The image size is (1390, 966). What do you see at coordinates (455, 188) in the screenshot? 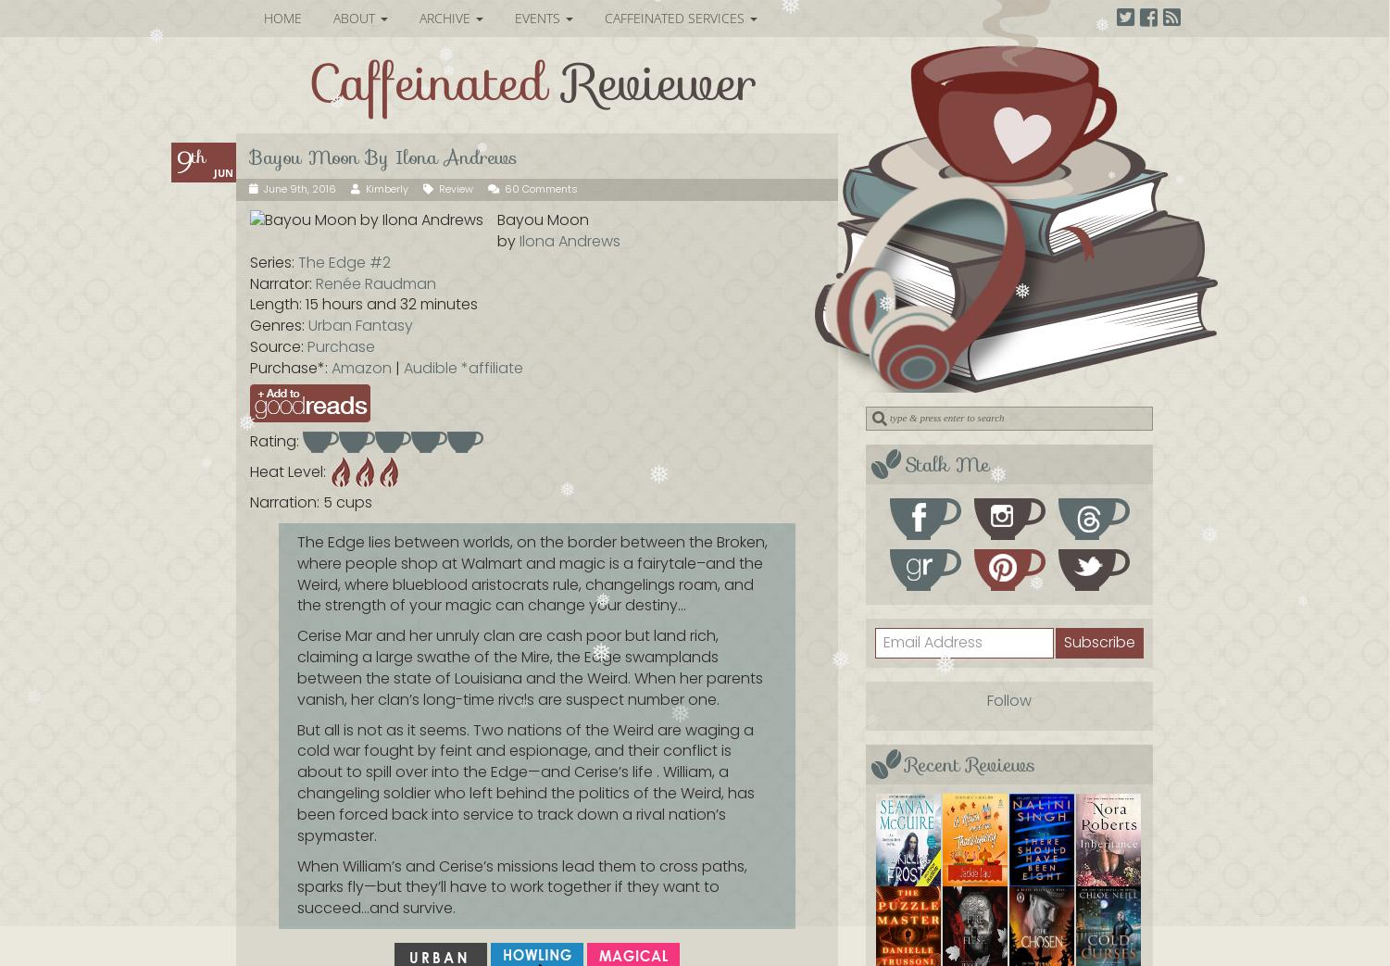
I see `'Review'` at bounding box center [455, 188].